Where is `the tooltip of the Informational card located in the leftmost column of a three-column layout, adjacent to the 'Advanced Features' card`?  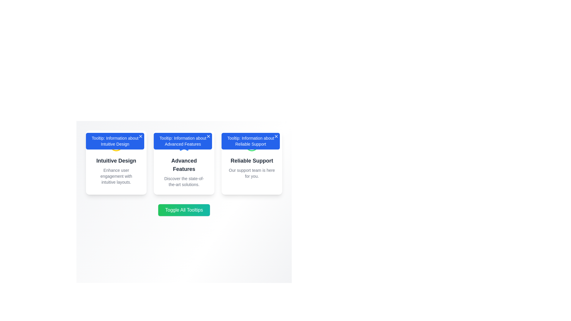
the tooltip of the Informational card located in the leftmost column of a three-column layout, adjacent to the 'Advanced Features' card is located at coordinates (116, 163).